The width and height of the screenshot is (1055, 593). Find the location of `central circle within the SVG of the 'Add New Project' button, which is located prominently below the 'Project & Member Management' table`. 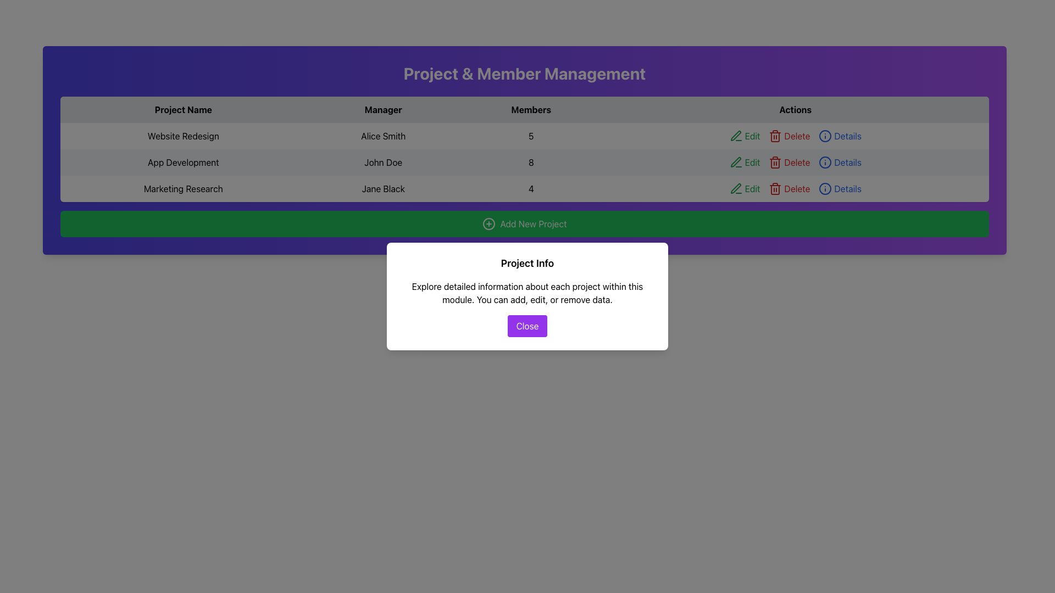

central circle within the SVG of the 'Add New Project' button, which is located prominently below the 'Project & Member Management' table is located at coordinates (488, 223).